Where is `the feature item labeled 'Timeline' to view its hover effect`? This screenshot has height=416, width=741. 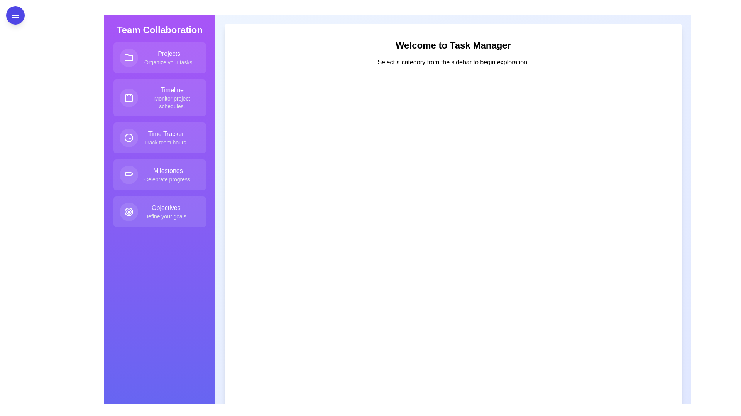 the feature item labeled 'Timeline' to view its hover effect is located at coordinates (159, 97).